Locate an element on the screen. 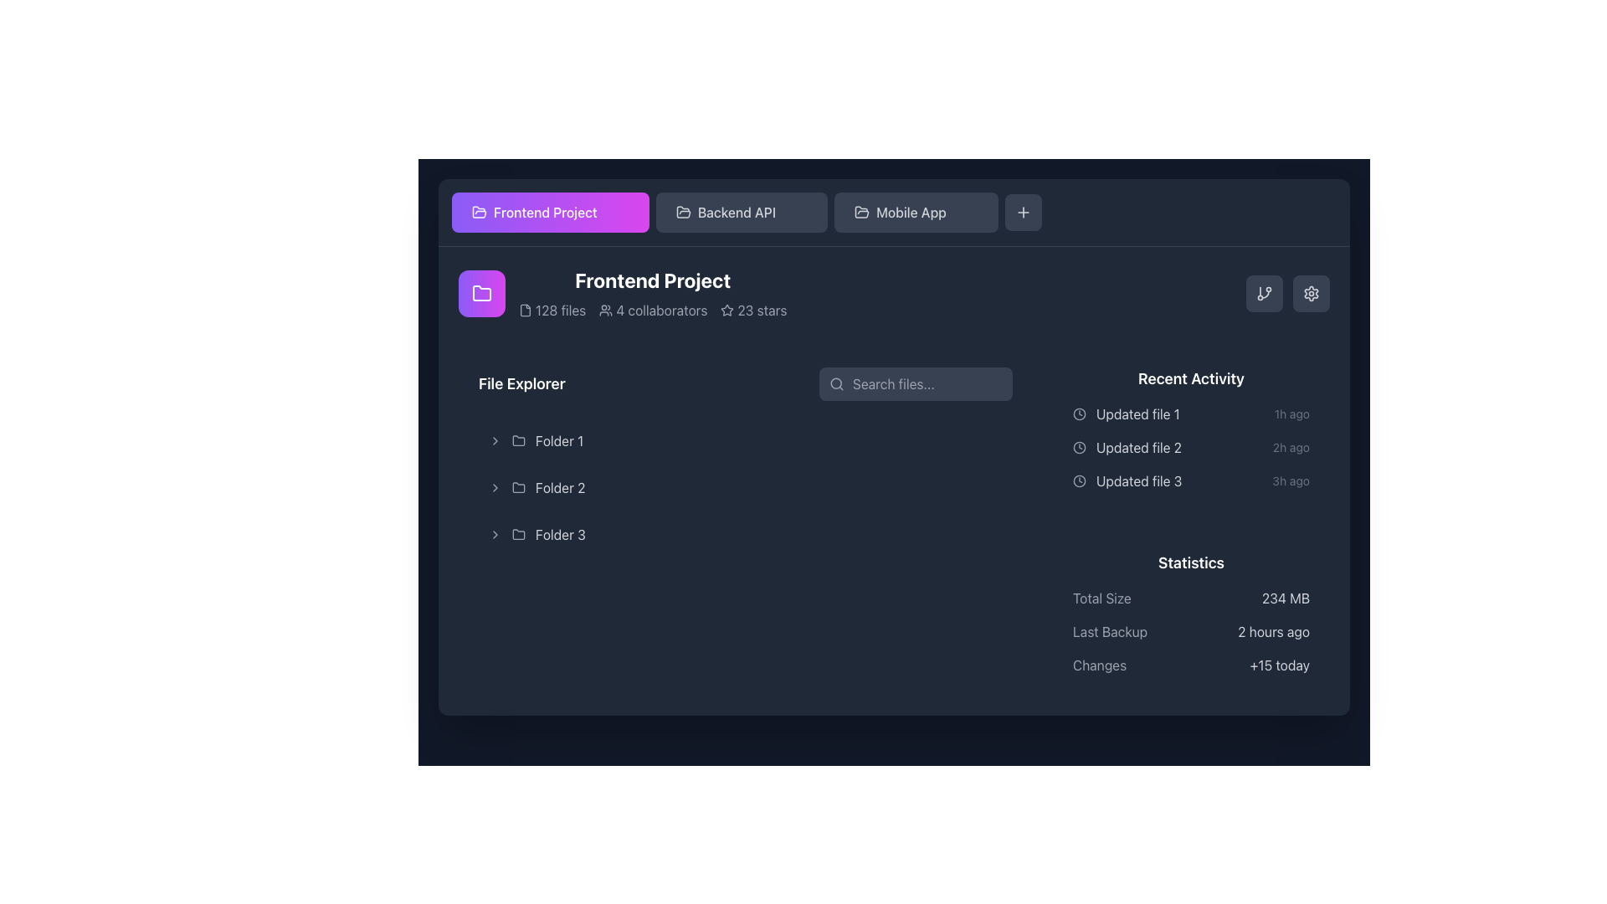 Image resolution: width=1607 pixels, height=904 pixels. the right-facing chevron icon located is located at coordinates (494, 487).